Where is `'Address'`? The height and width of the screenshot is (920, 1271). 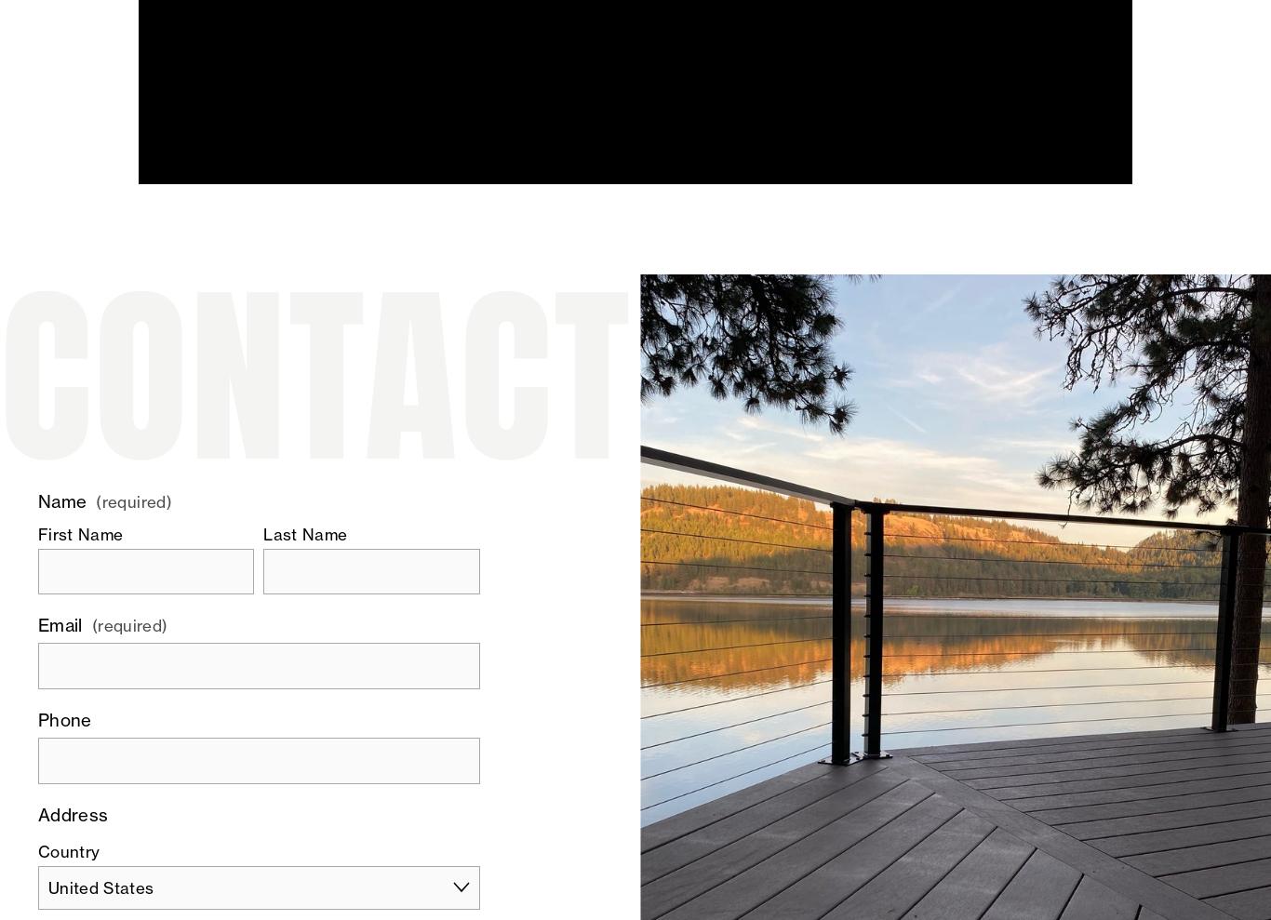
'Address' is located at coordinates (72, 814).